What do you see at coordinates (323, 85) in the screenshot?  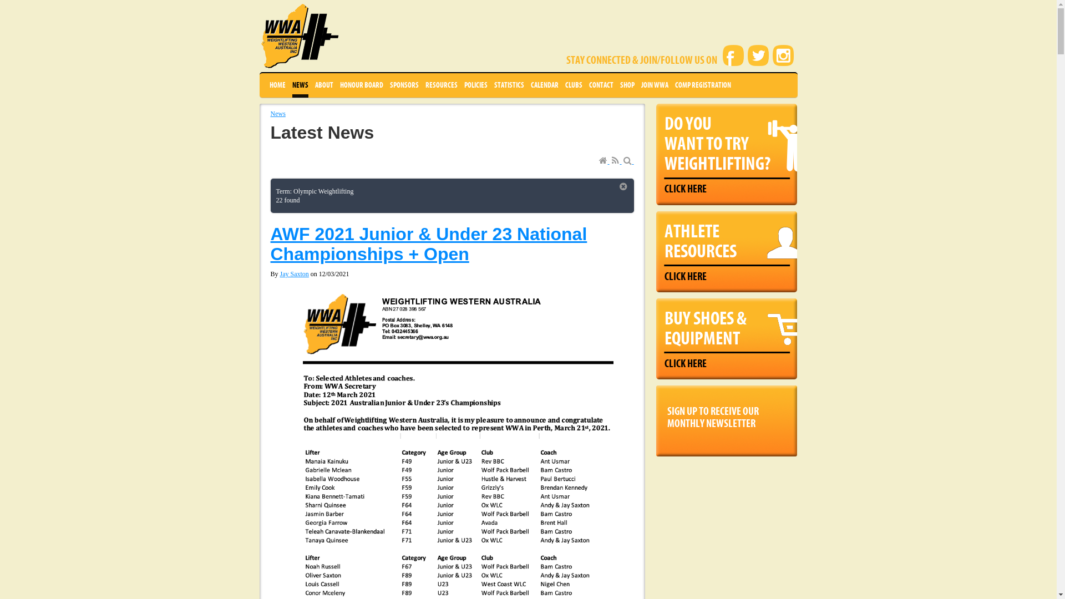 I see `'ABOUT'` at bounding box center [323, 85].